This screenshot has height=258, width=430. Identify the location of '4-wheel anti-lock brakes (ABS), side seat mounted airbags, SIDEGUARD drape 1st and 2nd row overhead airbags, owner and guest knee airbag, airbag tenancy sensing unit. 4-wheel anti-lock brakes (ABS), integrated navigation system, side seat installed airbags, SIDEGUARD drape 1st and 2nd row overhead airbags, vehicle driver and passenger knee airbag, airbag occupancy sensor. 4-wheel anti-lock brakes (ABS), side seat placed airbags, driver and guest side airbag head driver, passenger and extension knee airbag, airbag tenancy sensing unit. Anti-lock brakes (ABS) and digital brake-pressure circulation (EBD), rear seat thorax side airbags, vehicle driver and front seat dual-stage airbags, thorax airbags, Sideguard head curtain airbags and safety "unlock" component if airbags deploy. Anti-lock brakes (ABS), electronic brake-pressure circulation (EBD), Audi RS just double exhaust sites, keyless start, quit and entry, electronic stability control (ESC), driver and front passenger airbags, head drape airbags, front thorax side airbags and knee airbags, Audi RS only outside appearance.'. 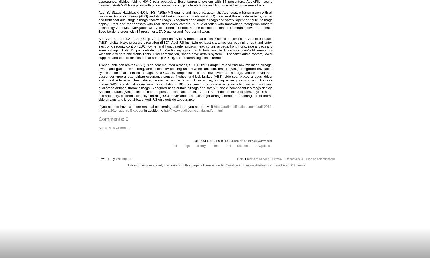
(185, 82).